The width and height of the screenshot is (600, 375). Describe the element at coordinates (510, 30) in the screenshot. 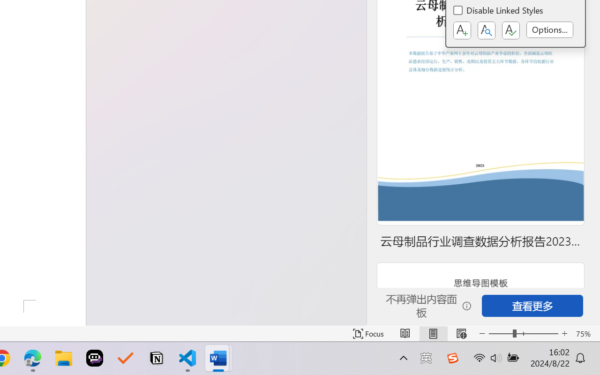

I see `'Class: NetUIButton'` at that location.